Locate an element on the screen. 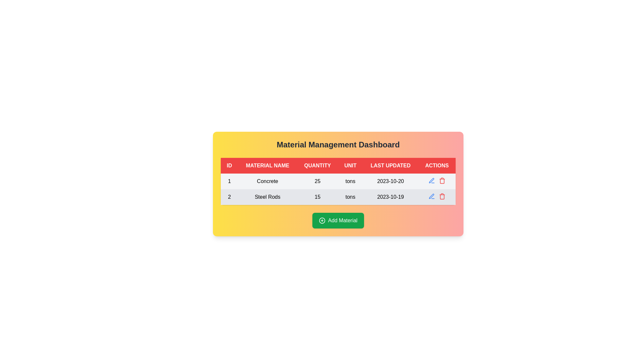 The image size is (628, 353). the first row of the material management table to interact with the specific parts of the entry is located at coordinates (338, 181).